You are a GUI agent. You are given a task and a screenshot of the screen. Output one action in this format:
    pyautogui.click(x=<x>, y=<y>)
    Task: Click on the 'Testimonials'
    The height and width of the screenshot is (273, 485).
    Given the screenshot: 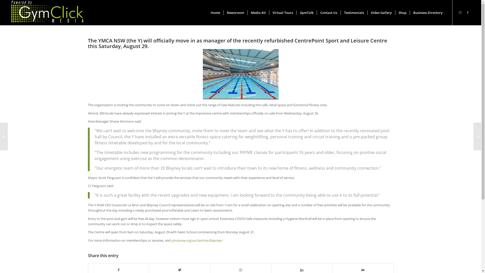 What is the action you would take?
    pyautogui.click(x=354, y=12)
    